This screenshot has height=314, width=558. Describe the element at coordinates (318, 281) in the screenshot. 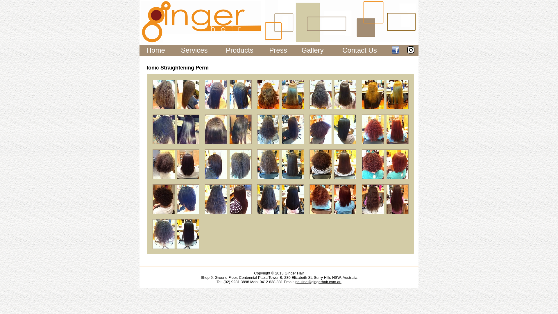

I see `'pauline@gingerhair.com.au'` at that location.